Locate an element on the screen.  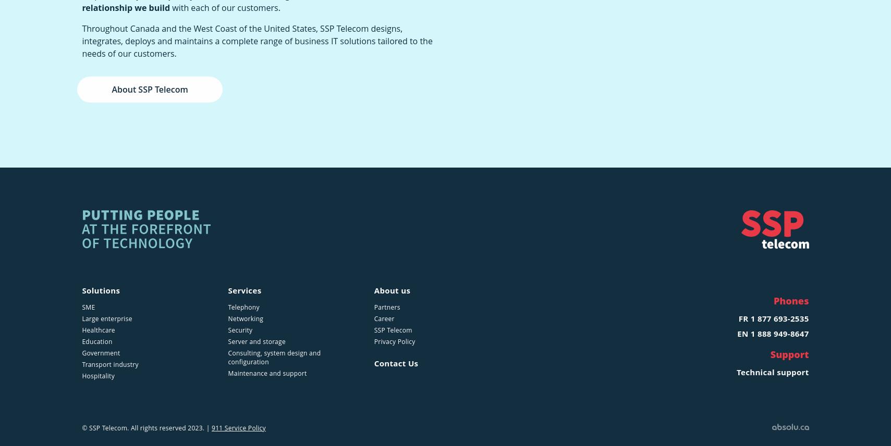
'Networking' is located at coordinates (245, 318).